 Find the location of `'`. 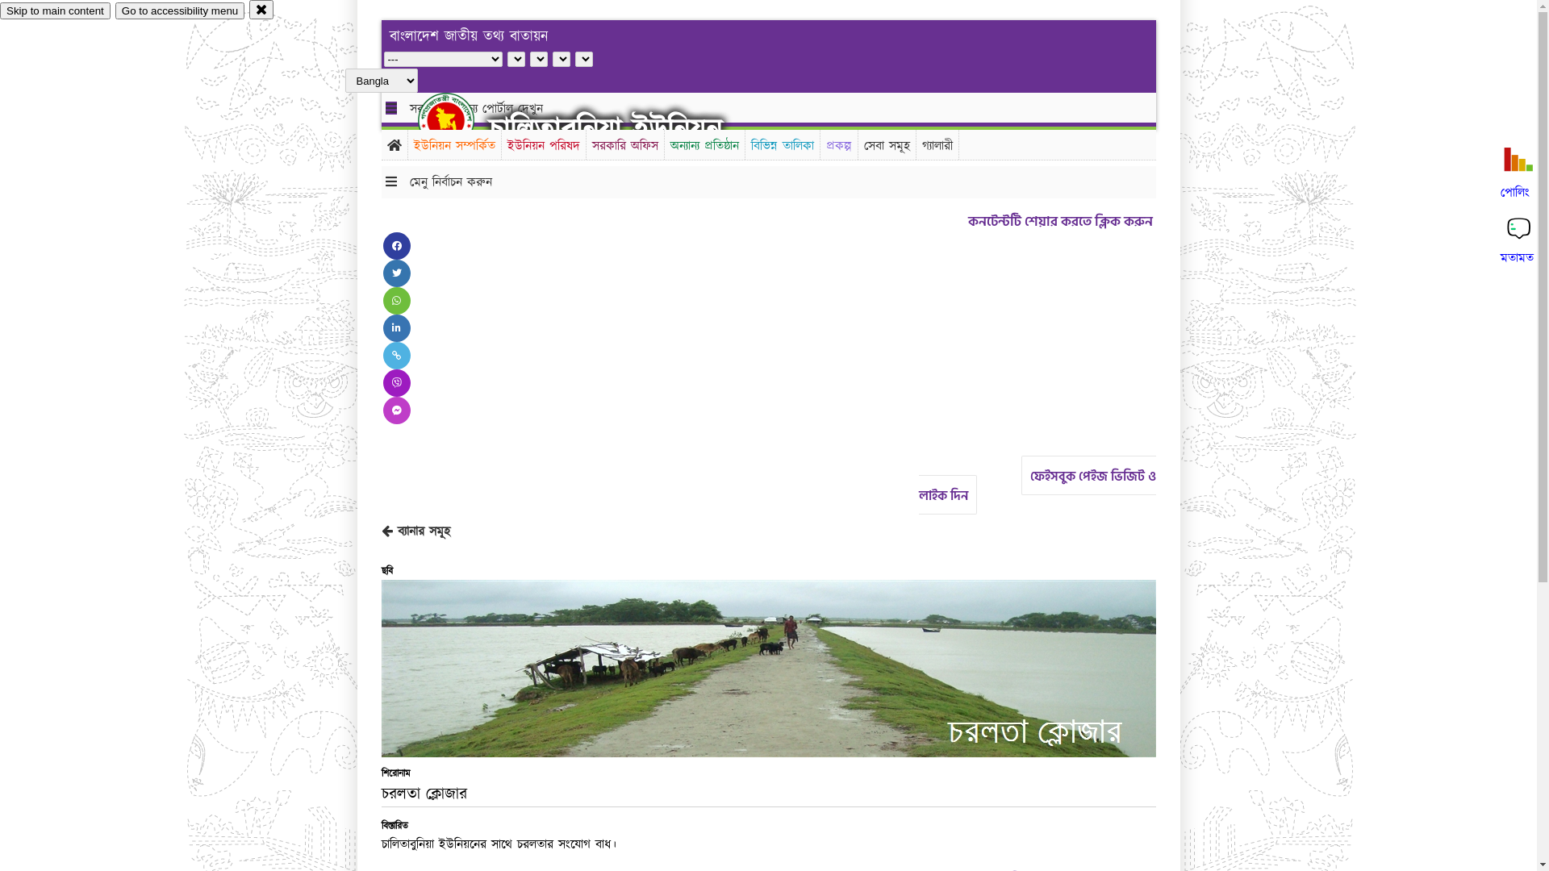

' is located at coordinates (459, 119).